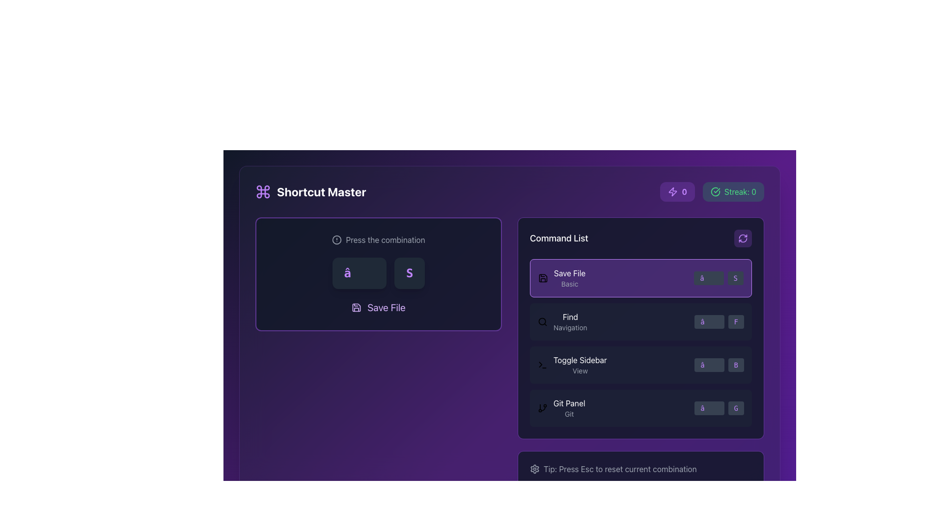 Image resolution: width=943 pixels, height=530 pixels. Describe the element at coordinates (709, 365) in the screenshot. I see `the text-based indicator or button located to the right of the 'Toggle Sidebar' text` at that location.